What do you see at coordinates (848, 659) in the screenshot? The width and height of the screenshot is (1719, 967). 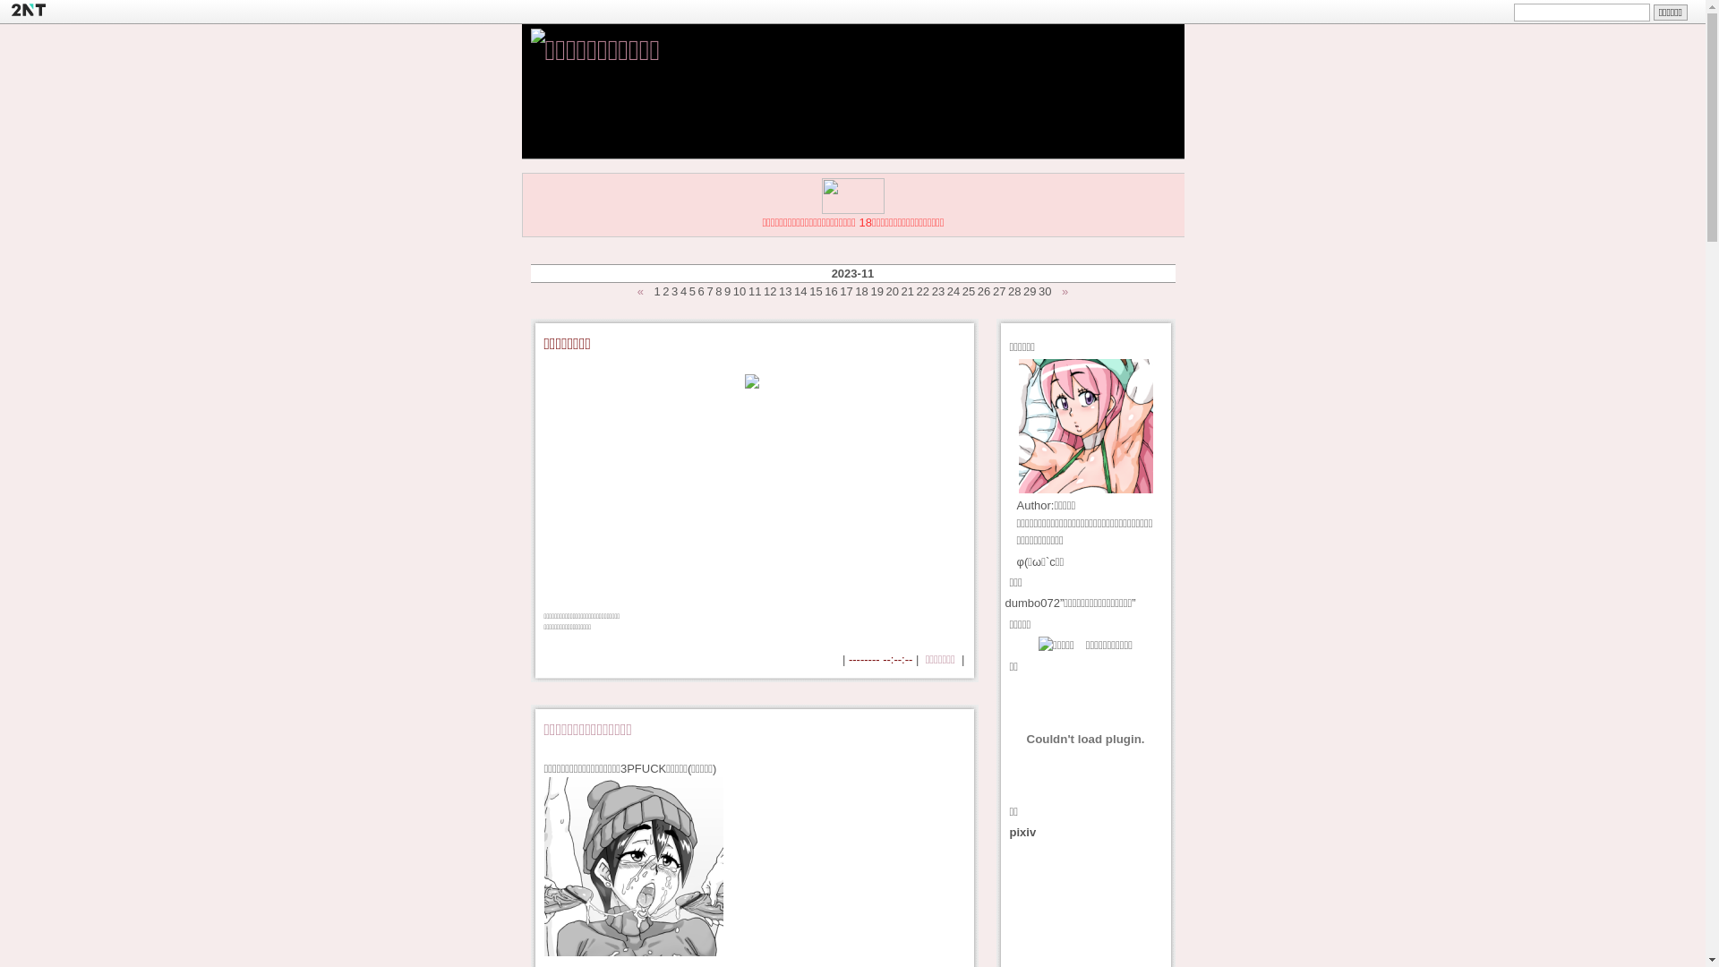 I see `'-------- --:--:--'` at bounding box center [848, 659].